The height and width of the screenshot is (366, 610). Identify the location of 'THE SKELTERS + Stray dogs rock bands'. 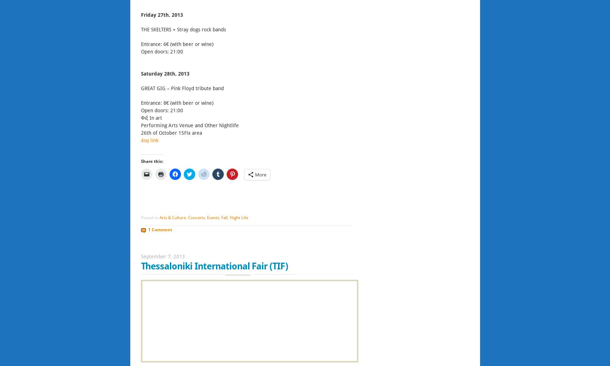
(183, 30).